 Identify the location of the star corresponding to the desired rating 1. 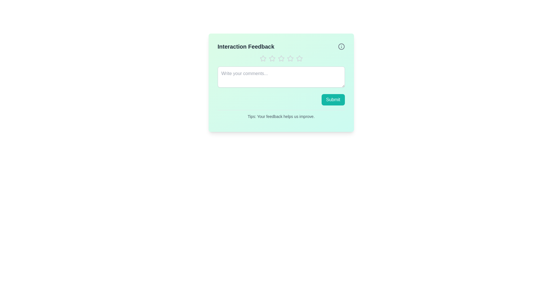
(263, 58).